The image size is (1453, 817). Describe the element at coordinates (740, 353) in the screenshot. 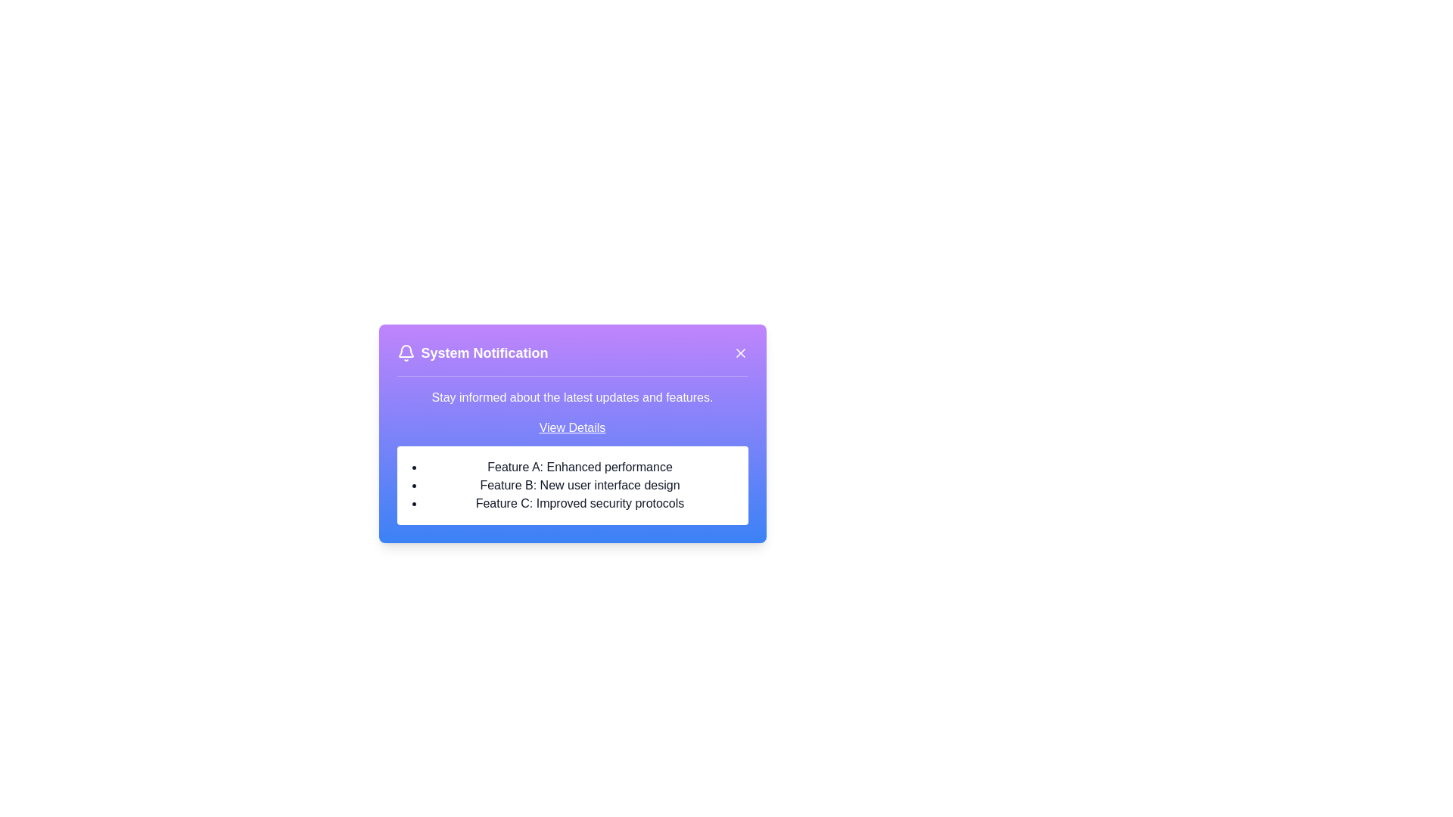

I see `the close button in the top-right corner of the notification` at that location.